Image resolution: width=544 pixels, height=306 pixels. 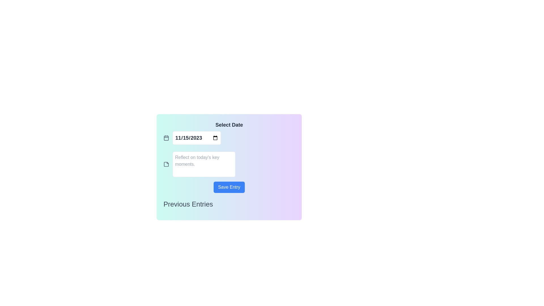 What do you see at coordinates (166, 138) in the screenshot?
I see `visual date block within the calendar icon located at the center of the icon` at bounding box center [166, 138].